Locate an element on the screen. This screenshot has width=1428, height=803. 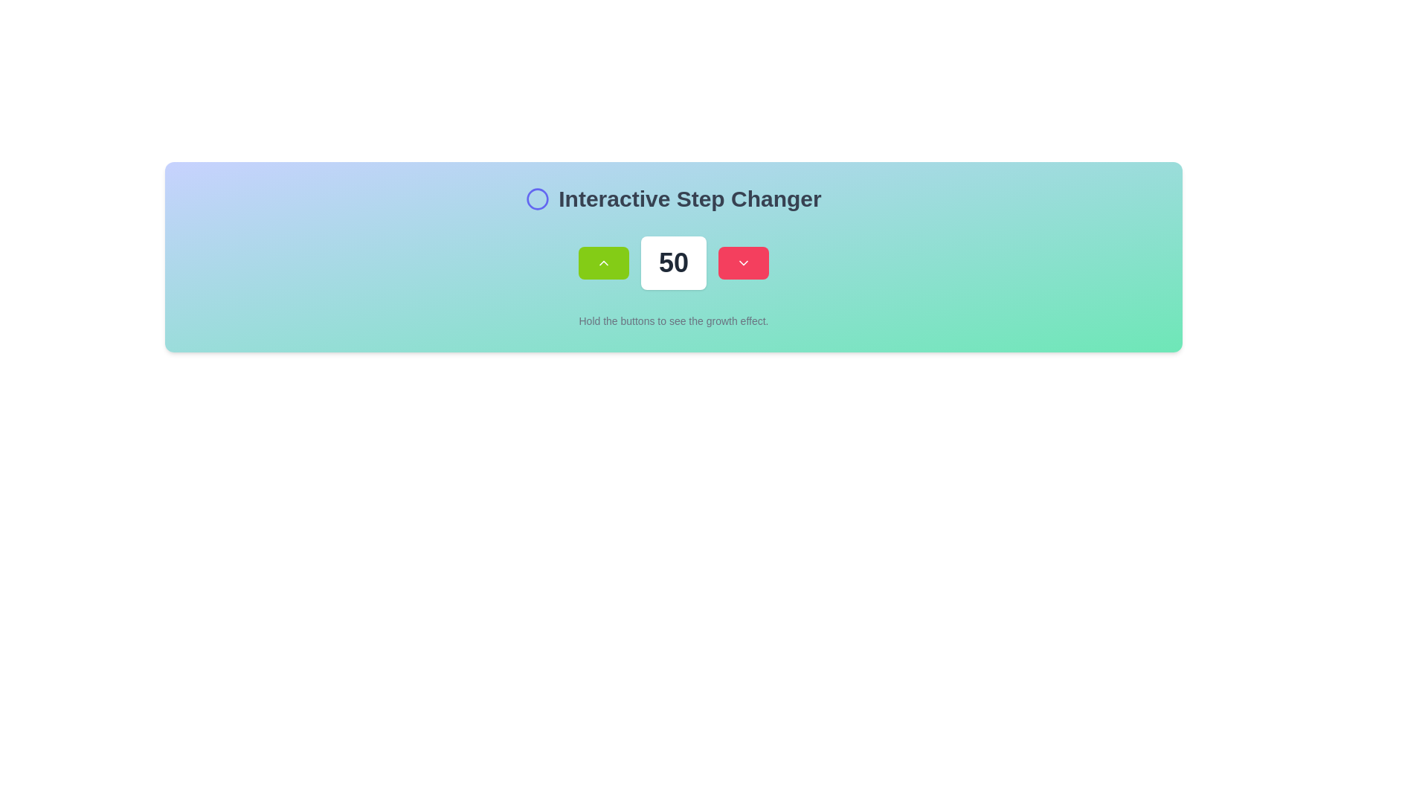
the numerical display element styled with a white rectangular background showing the value '50', which is centered within and has rounded edges and a drop shadow is located at coordinates (673, 262).